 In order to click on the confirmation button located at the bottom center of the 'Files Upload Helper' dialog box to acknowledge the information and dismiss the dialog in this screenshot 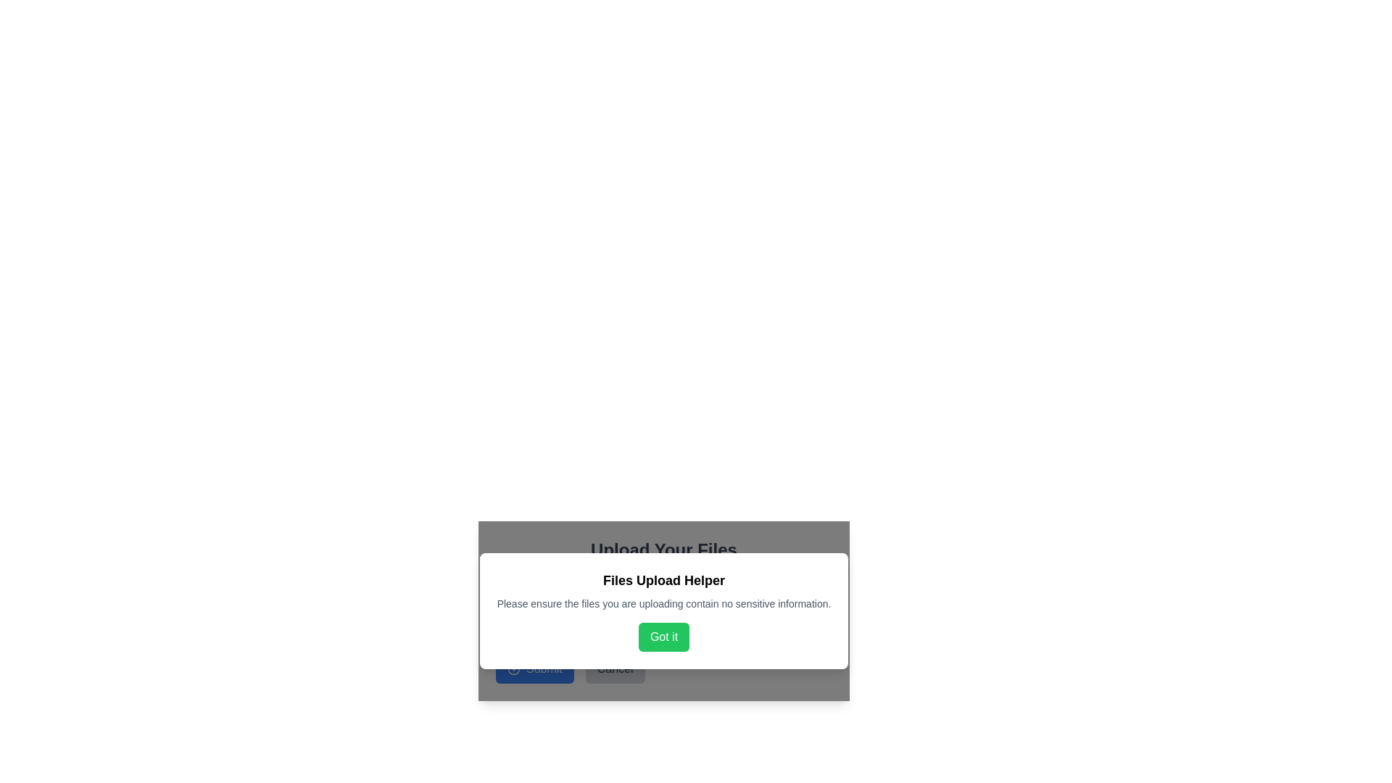, I will do `click(663, 637)`.